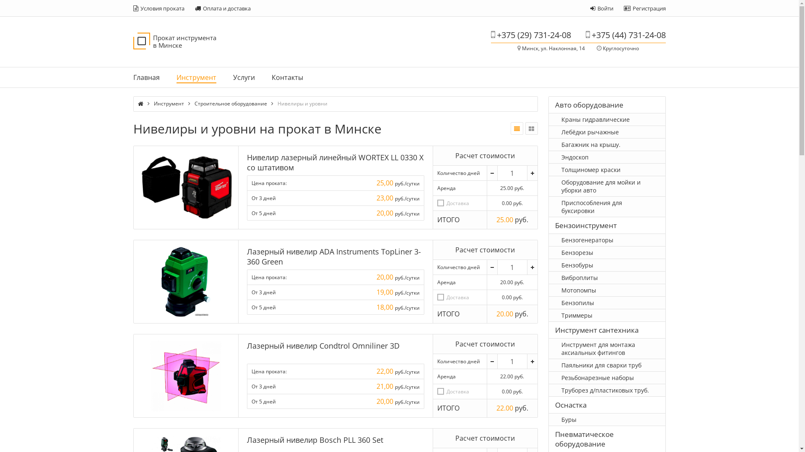 The height and width of the screenshot is (452, 805). Describe the element at coordinates (530, 34) in the screenshot. I see `'+375 (29) 731-24-08'` at that location.